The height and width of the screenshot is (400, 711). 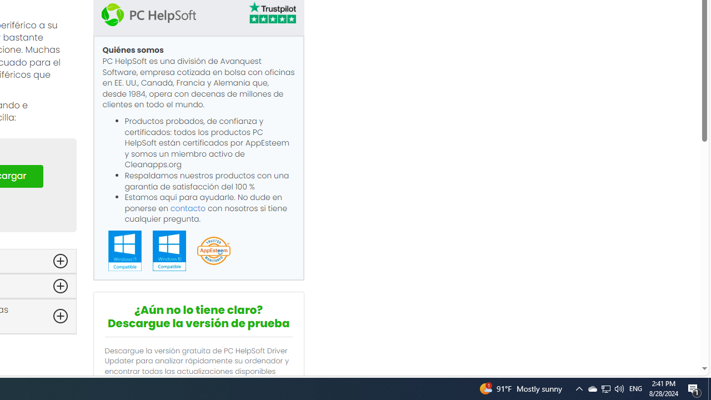 I want to click on 'TrustPilot', so click(x=272, y=13).